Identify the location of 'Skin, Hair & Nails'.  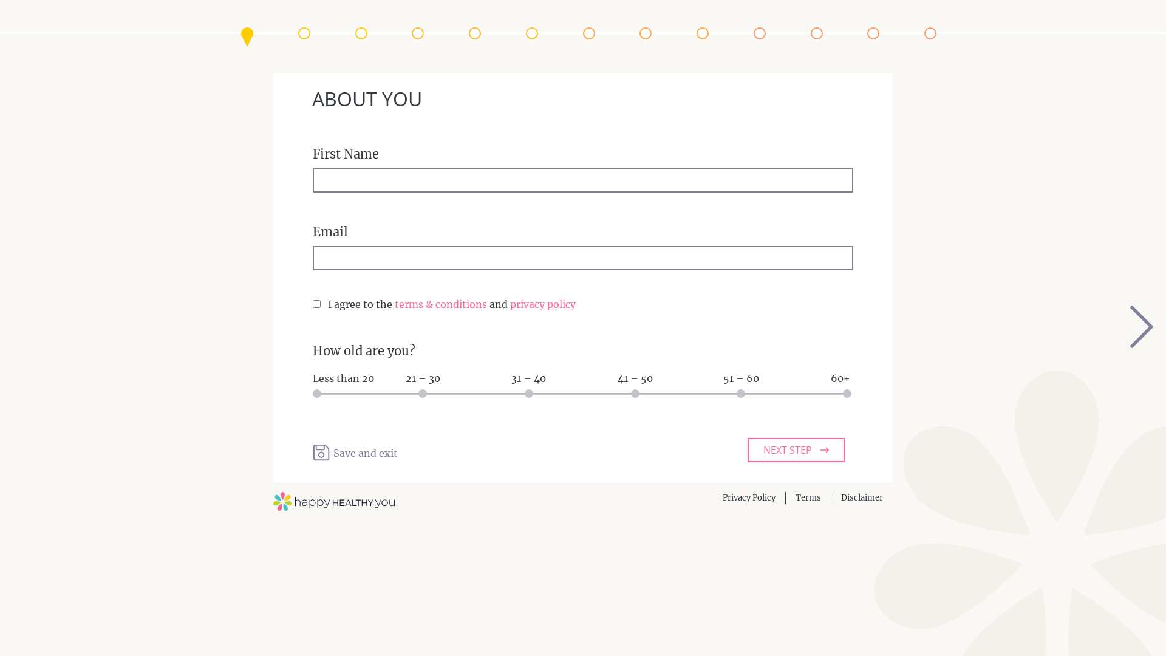
(644, 32).